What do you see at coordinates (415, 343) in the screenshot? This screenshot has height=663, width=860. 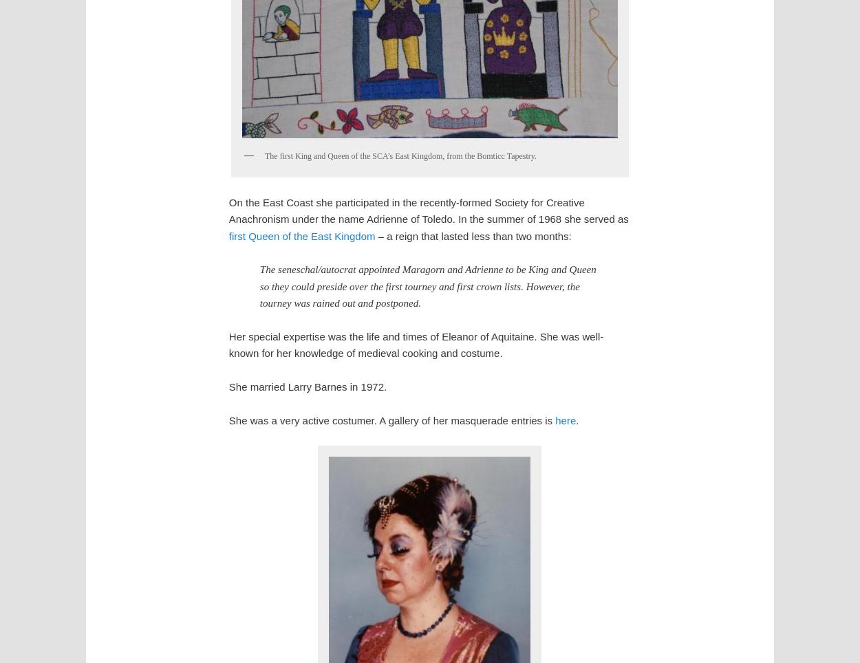 I see `'Her special expertise was the life and times of Eleanor of Aquitaine. She was well-known for her knowledge of medieval cooking and costume.'` at bounding box center [415, 343].